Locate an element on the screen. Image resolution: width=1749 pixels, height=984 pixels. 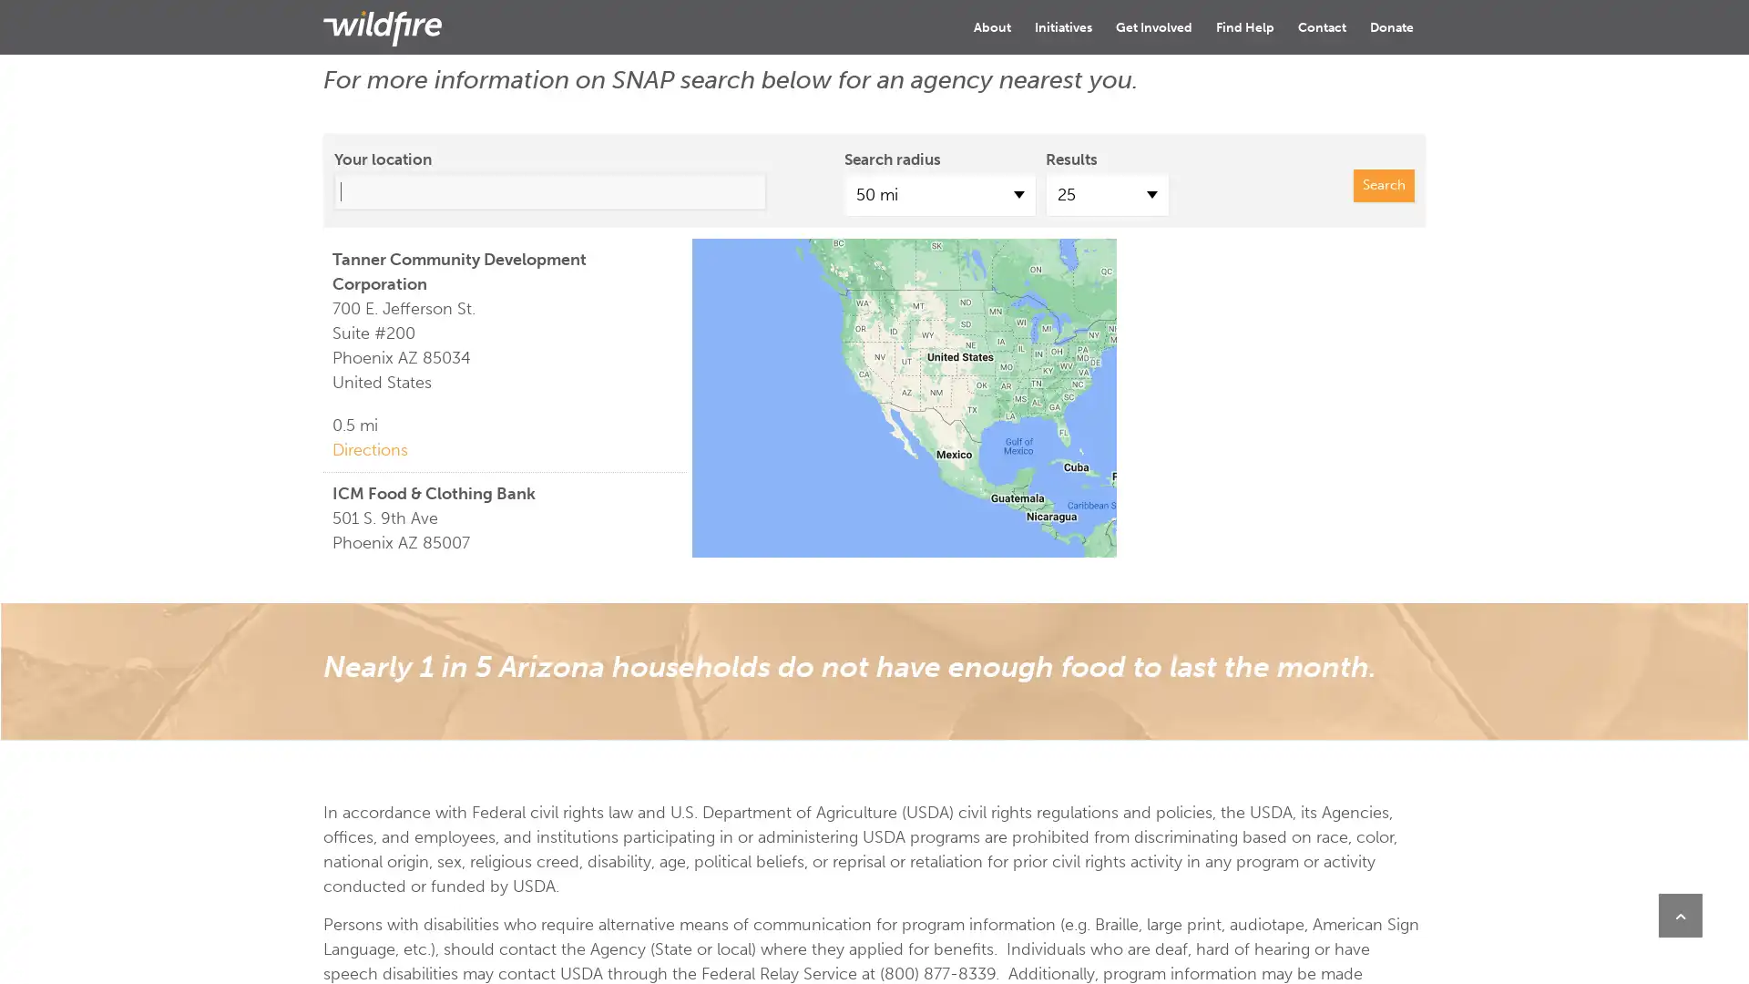
Maricopa Roosevelt WIC is located at coordinates (1069, 377).